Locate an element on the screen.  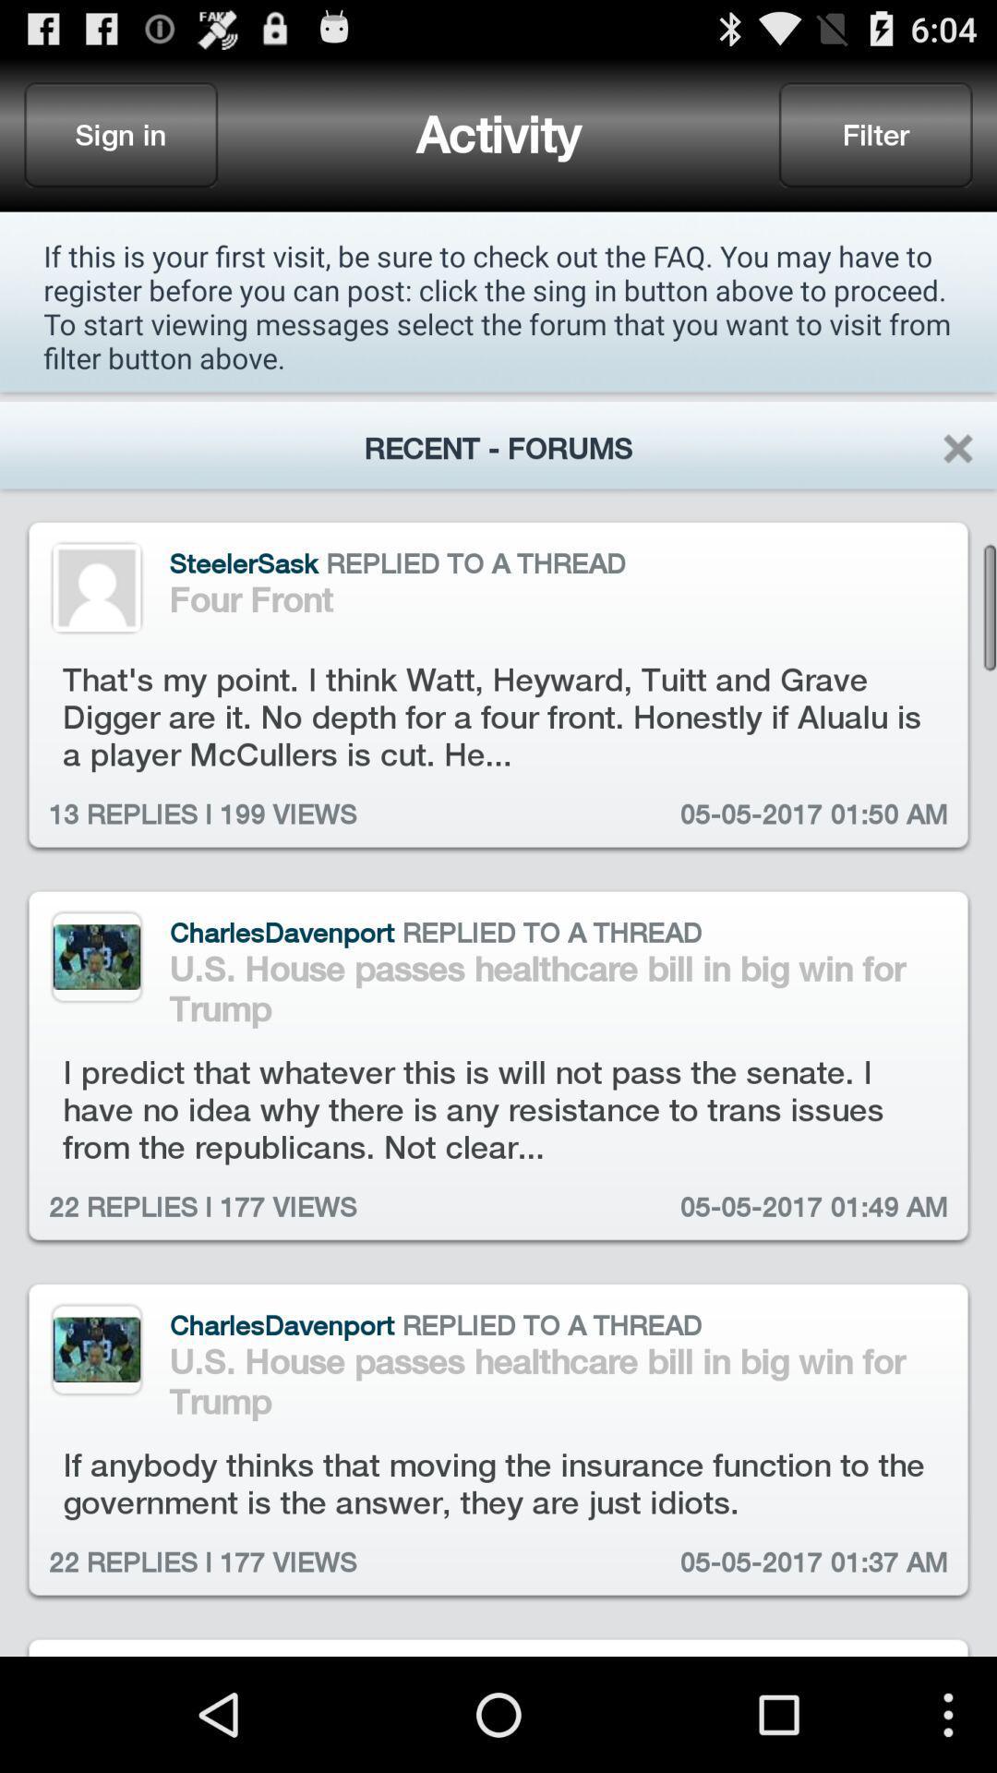
profile is located at coordinates (96, 586).